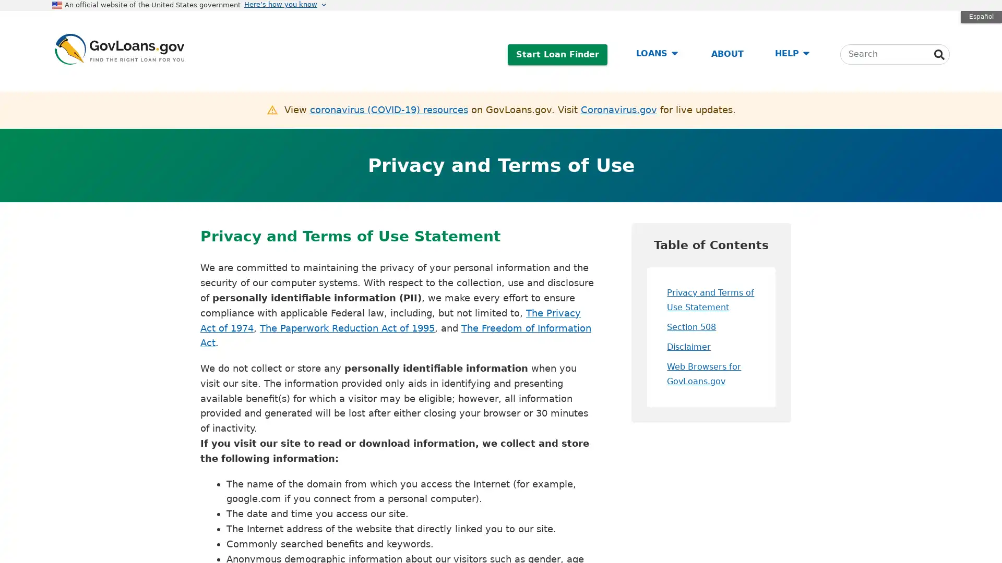 The width and height of the screenshot is (1002, 563). Describe the element at coordinates (939, 54) in the screenshot. I see `Search` at that location.